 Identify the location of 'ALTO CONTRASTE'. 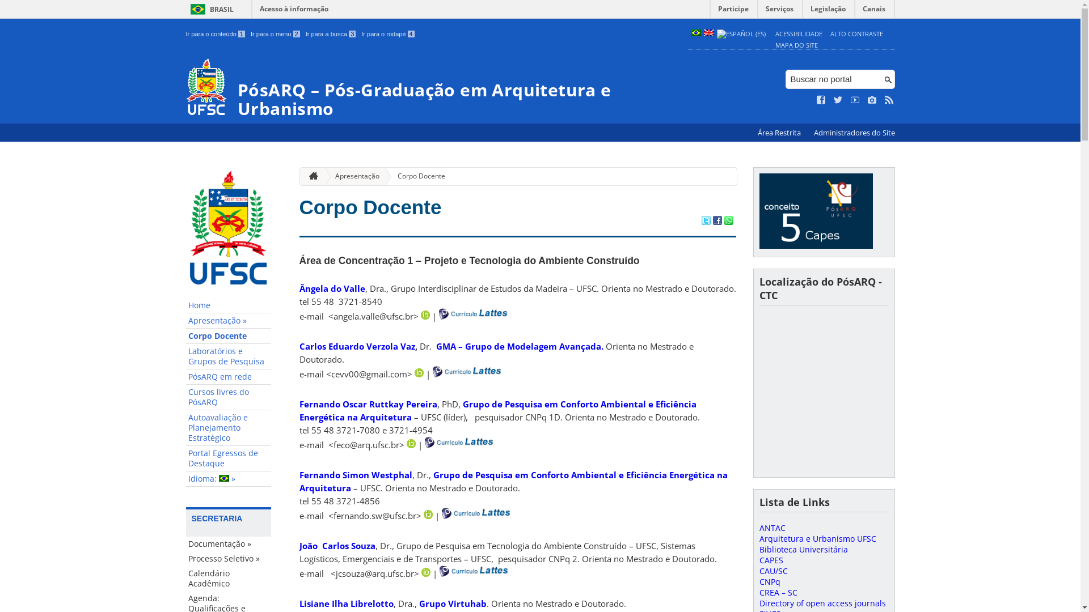
(856, 33).